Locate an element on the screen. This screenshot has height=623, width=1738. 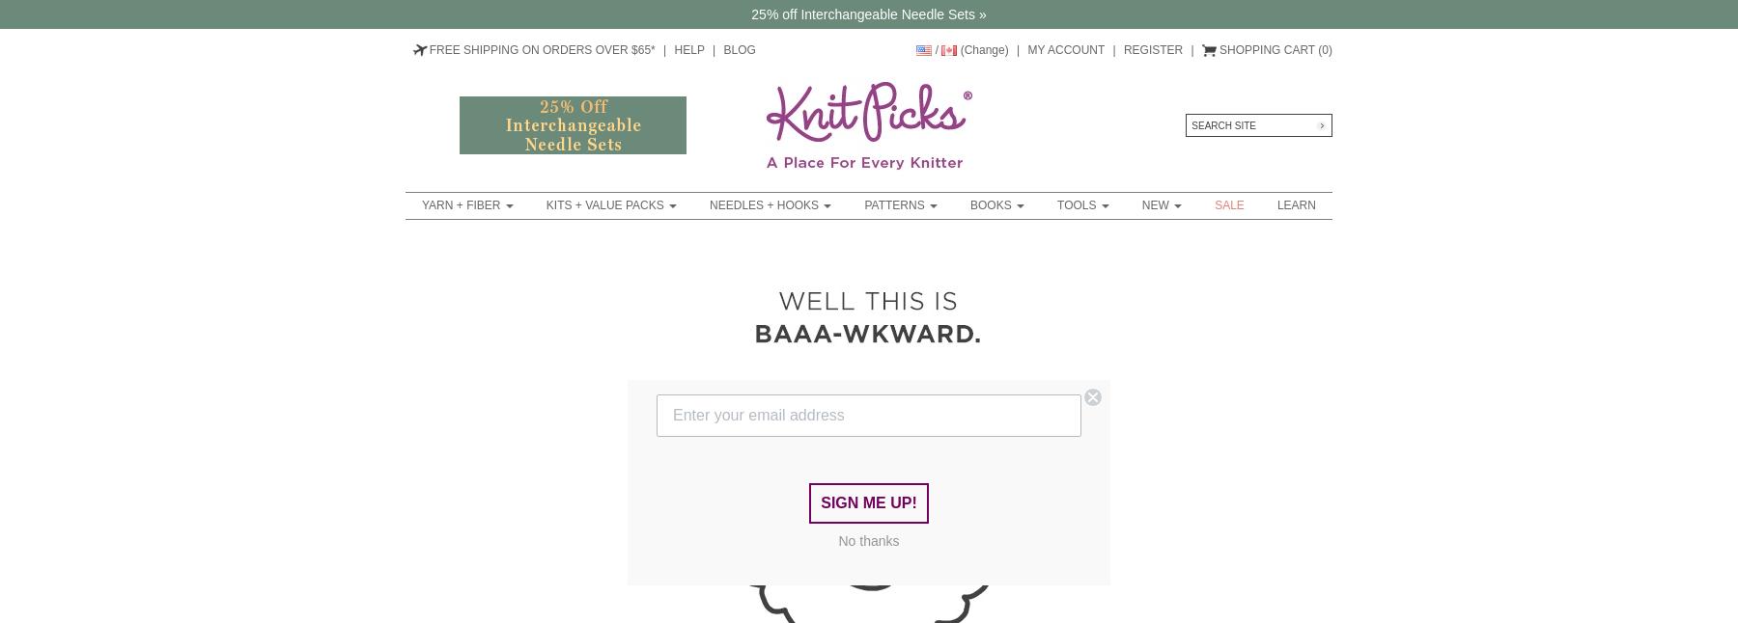
'Needles + Hooks' is located at coordinates (766, 204).